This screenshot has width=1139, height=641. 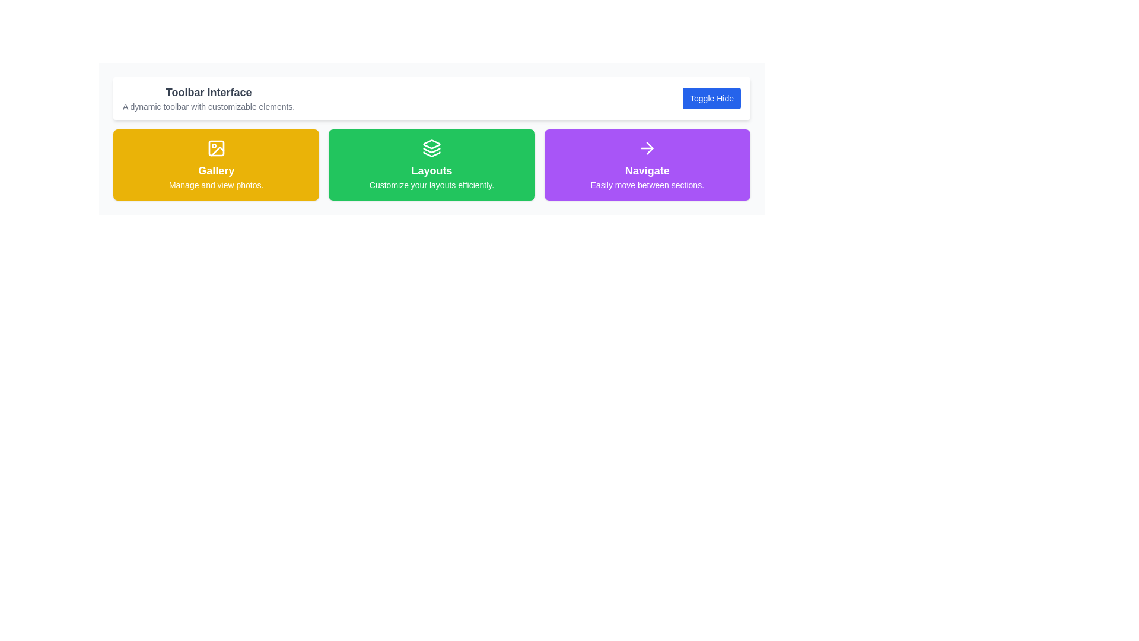 What do you see at coordinates (216, 185) in the screenshot?
I see `the text label that reads 'Manage and view photos.' which is displayed within a yellow background section under the 'Gallery' heading` at bounding box center [216, 185].